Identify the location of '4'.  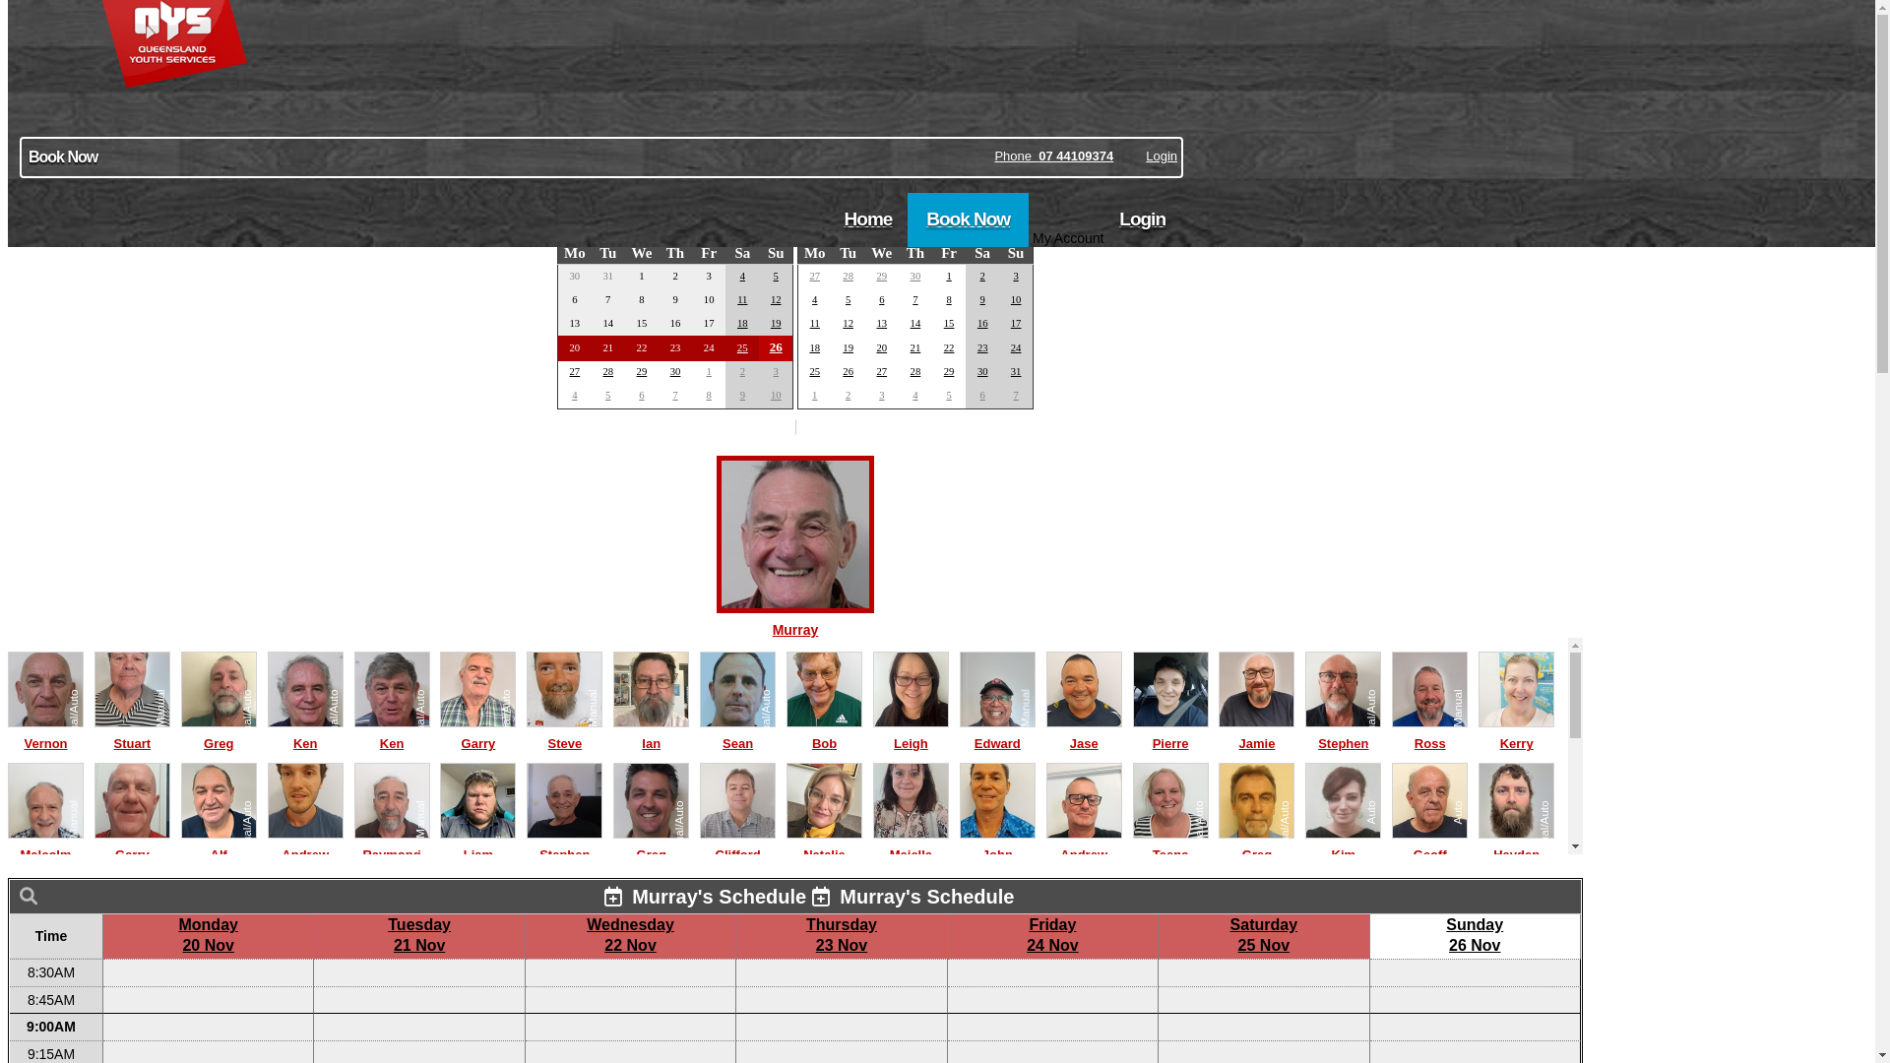
(741, 275).